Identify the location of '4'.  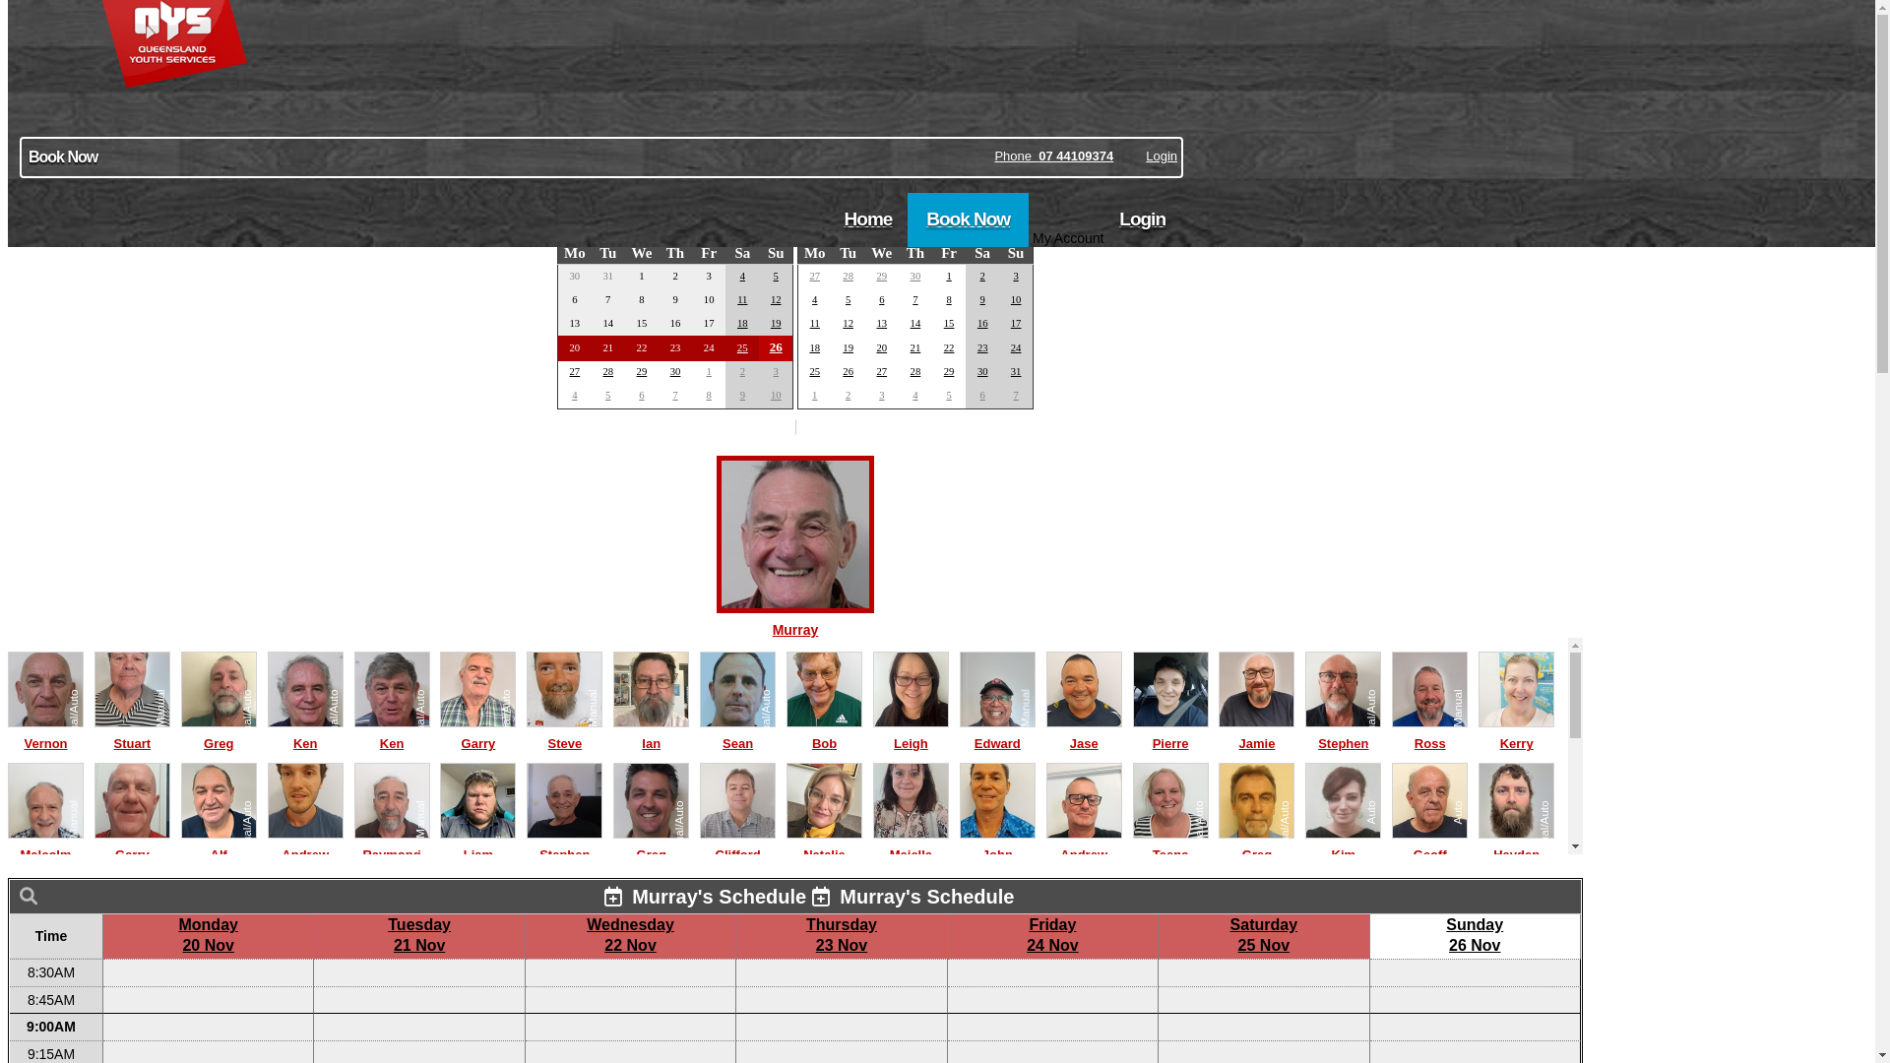
(741, 275).